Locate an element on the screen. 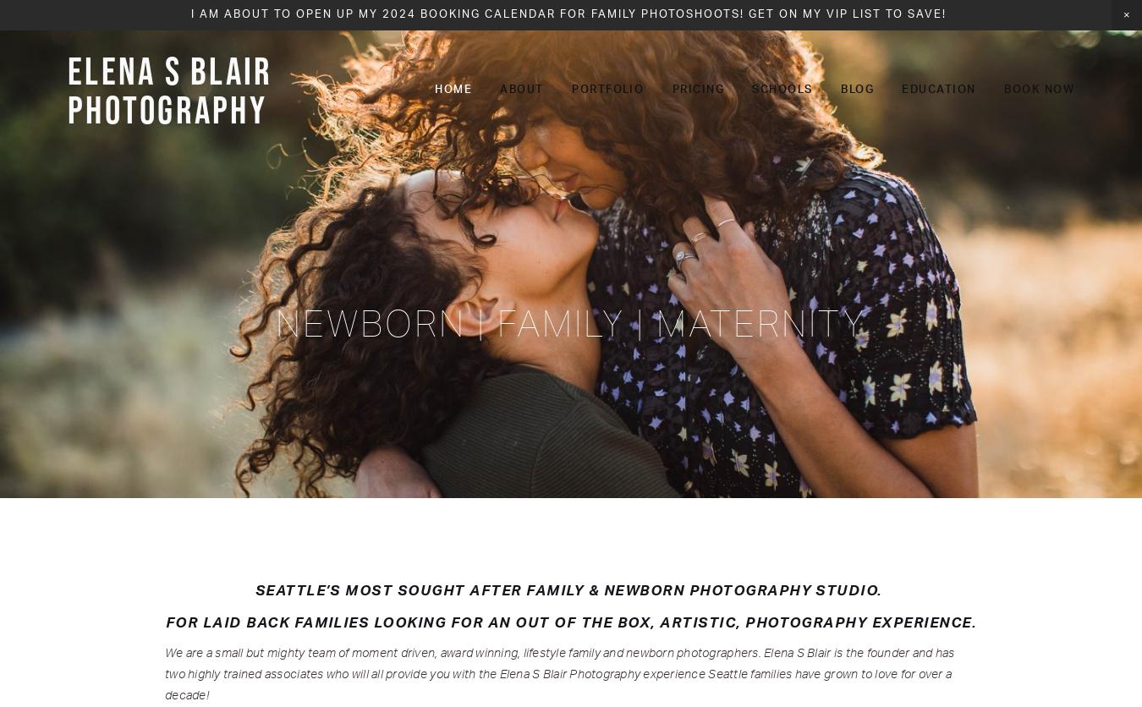  'Portfolio' is located at coordinates (607, 89).